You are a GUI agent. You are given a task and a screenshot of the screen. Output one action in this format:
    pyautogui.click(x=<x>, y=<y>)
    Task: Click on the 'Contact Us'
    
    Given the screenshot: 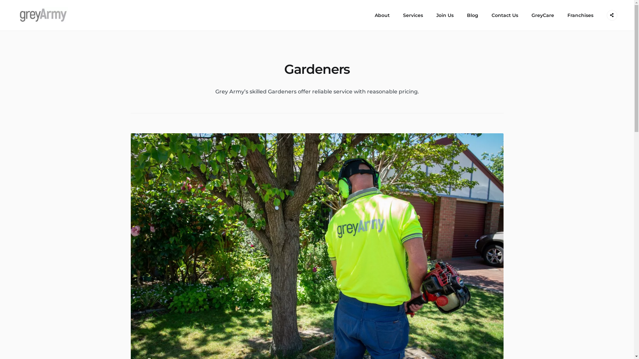 What is the action you would take?
    pyautogui.click(x=505, y=15)
    